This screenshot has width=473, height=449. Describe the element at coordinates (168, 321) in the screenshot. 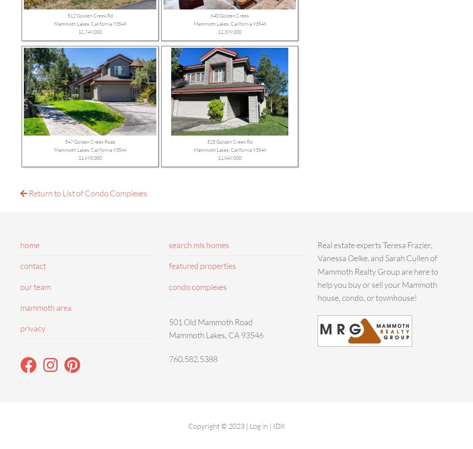

I see `'501 Old Mammoth Road'` at that location.